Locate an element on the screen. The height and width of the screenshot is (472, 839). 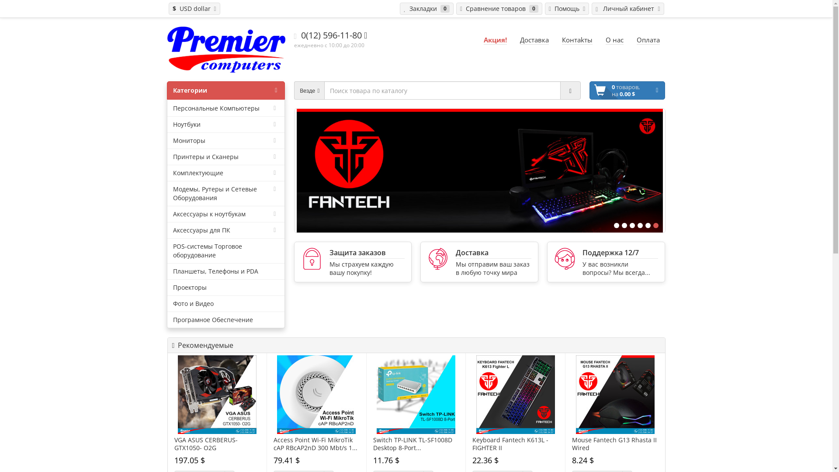
'Switch TP-LINK TL-SF1008D Desktop 8-Port...' is located at coordinates (416, 444).